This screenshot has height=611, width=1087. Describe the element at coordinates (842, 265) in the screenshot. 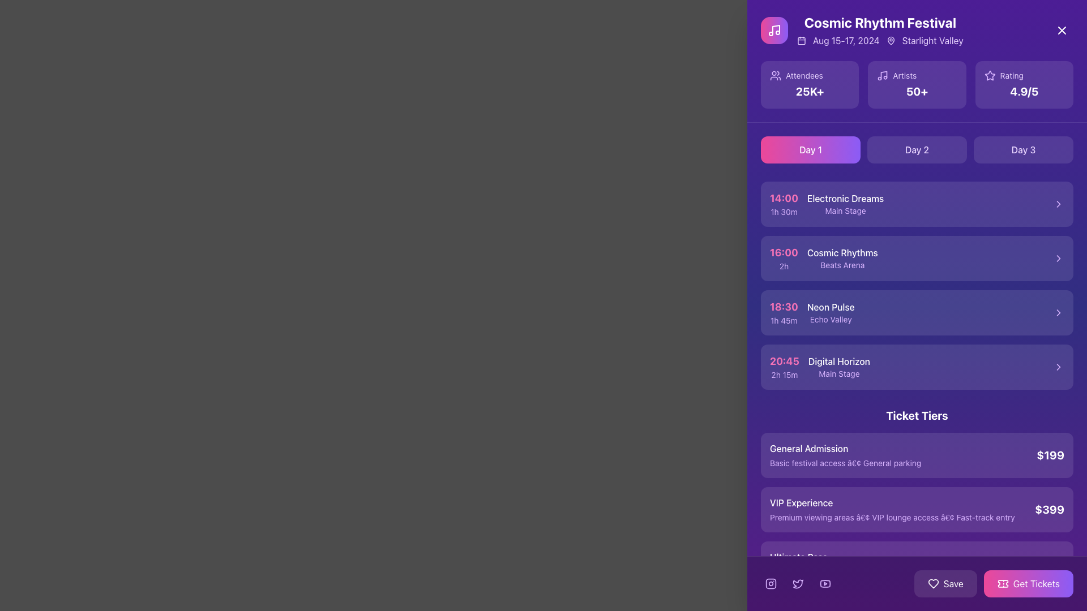

I see `the text label indicating the location or stage of the 'Cosmic Rhythms' event, which is located below the 'Cosmic Rhythms' text in the 16:00 event section of the schedule` at that location.